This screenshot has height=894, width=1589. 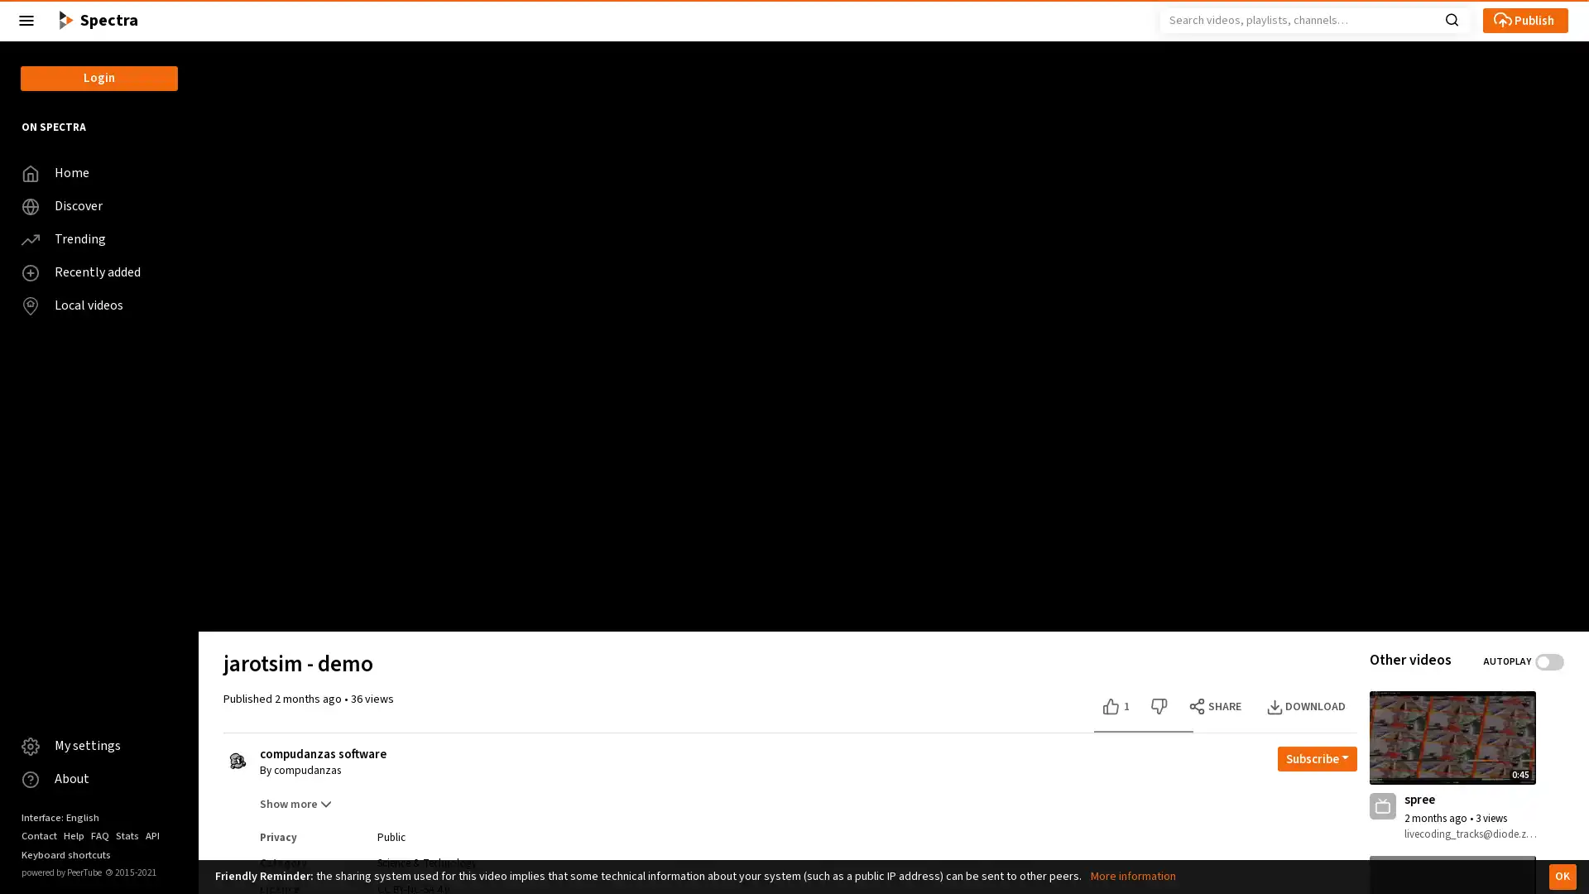 What do you see at coordinates (1451, 18) in the screenshot?
I see `Search` at bounding box center [1451, 18].